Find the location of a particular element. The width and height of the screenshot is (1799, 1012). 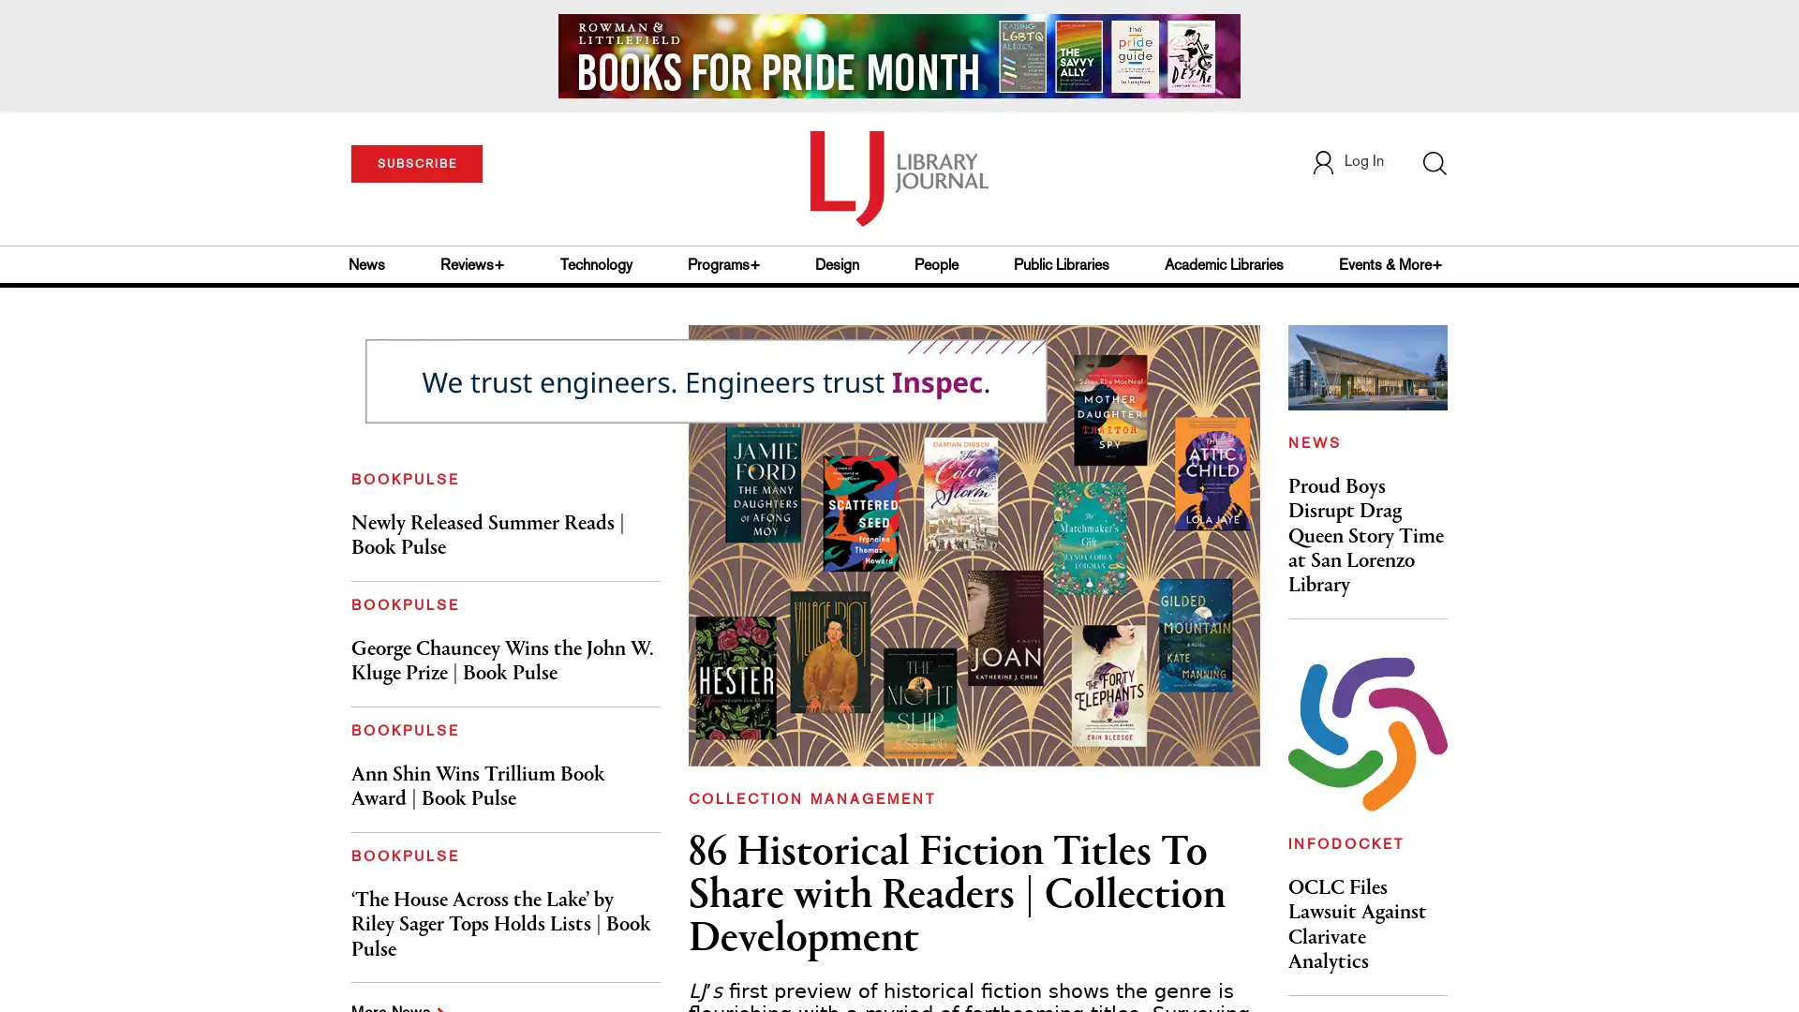

Log In is located at coordinates (1346, 161).